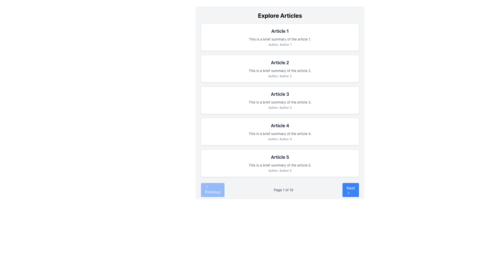 The width and height of the screenshot is (480, 270). I want to click on the text element displaying 'Page 1 of 10', which is located at the bottom center of the interface, between the 'Previous' and 'Next' buttons, so click(283, 190).